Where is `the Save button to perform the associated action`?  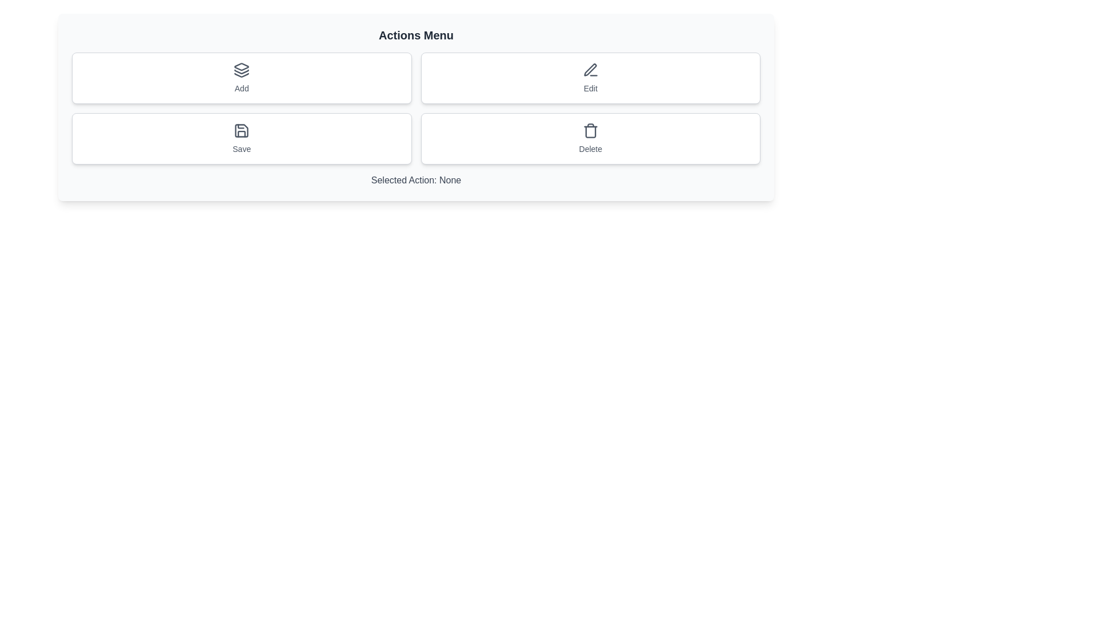
the Save button to perform the associated action is located at coordinates (241, 138).